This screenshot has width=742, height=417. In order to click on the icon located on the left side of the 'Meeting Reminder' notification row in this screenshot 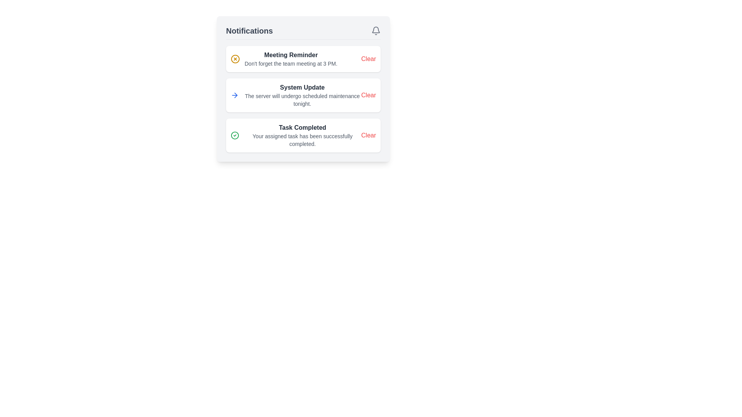, I will do `click(235, 59)`.